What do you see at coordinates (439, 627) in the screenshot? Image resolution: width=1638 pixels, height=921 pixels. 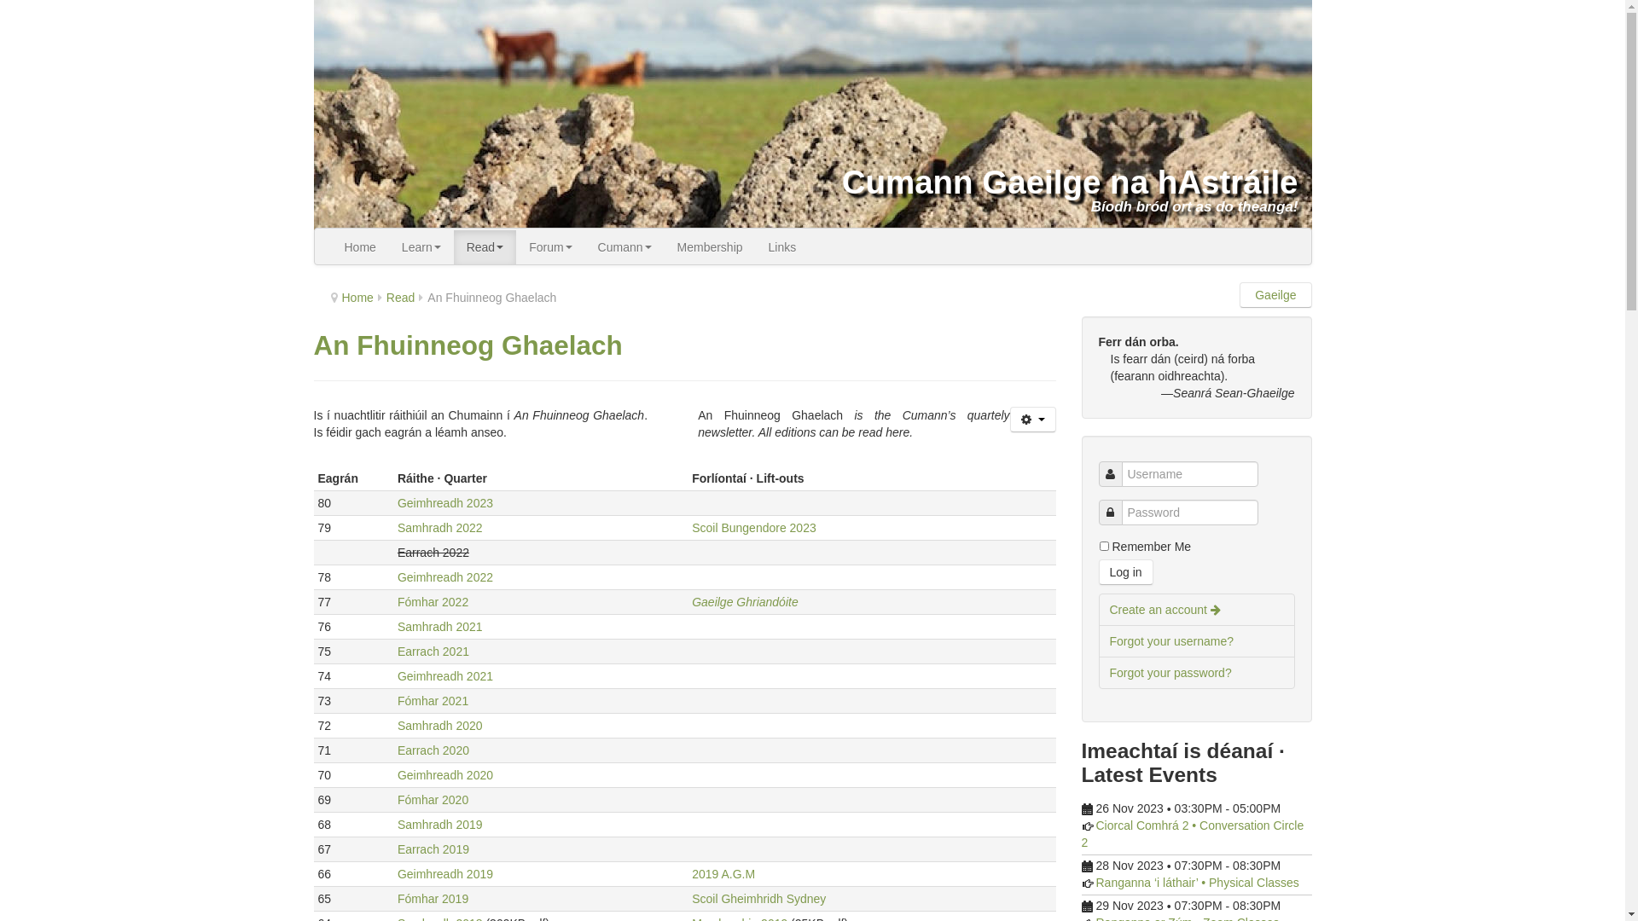 I see `'Samhradh 2021'` at bounding box center [439, 627].